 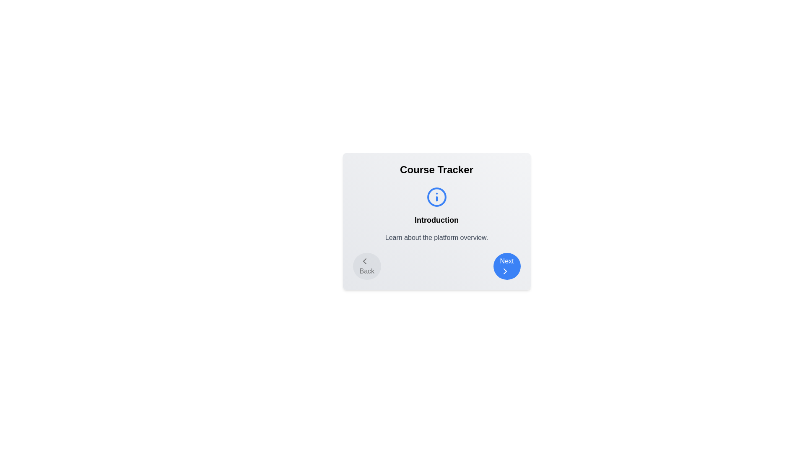 I want to click on the module icon to view its details, so click(x=436, y=197).